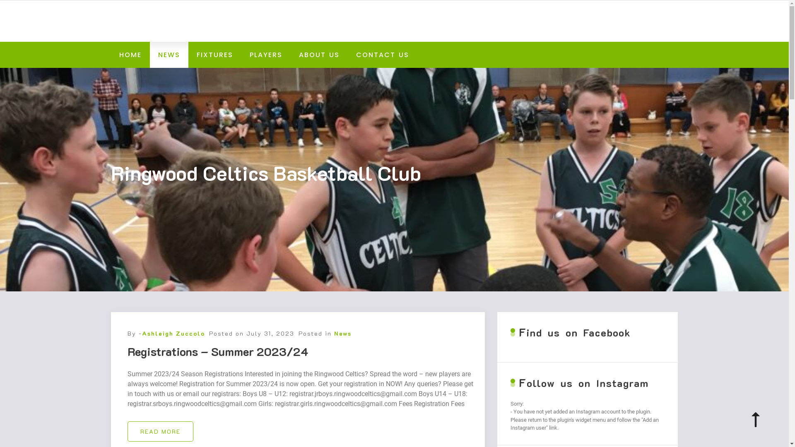 The height and width of the screenshot is (447, 795). What do you see at coordinates (382, 55) in the screenshot?
I see `'CONTACT US'` at bounding box center [382, 55].